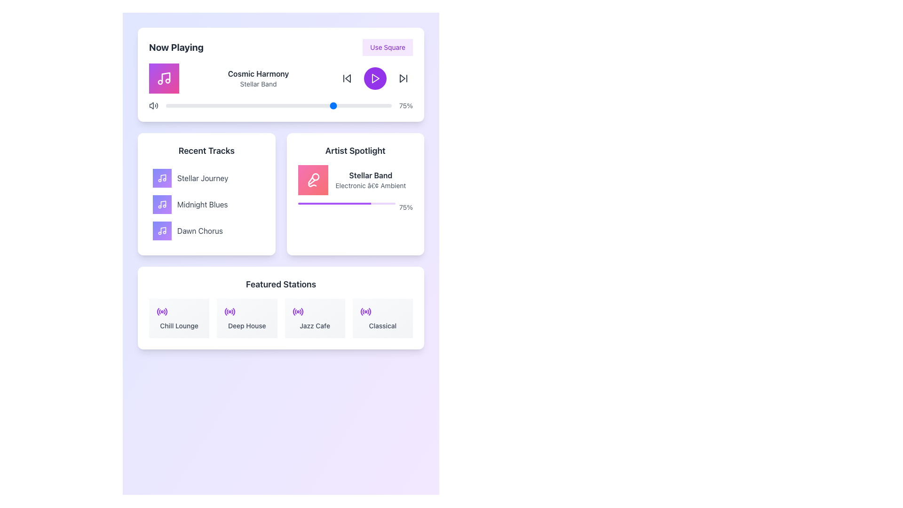 Image resolution: width=903 pixels, height=508 pixels. What do you see at coordinates (247, 318) in the screenshot?
I see `the 'Deep House' selectable tile, which has a gradient background and a purple radio wave icon` at bounding box center [247, 318].